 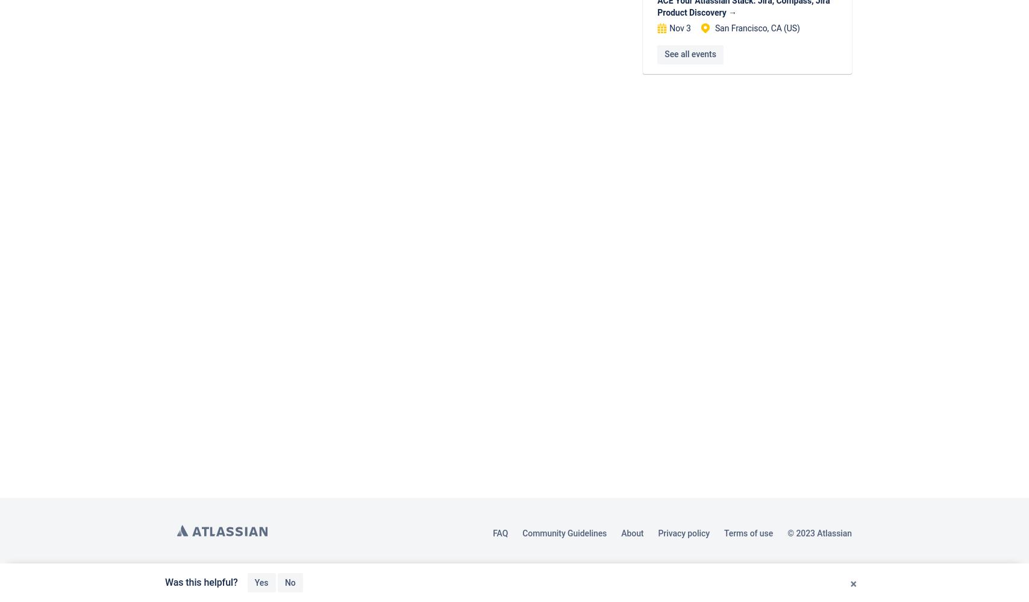 I want to click on 'San Francisco, CA (US)', so click(x=757, y=28).